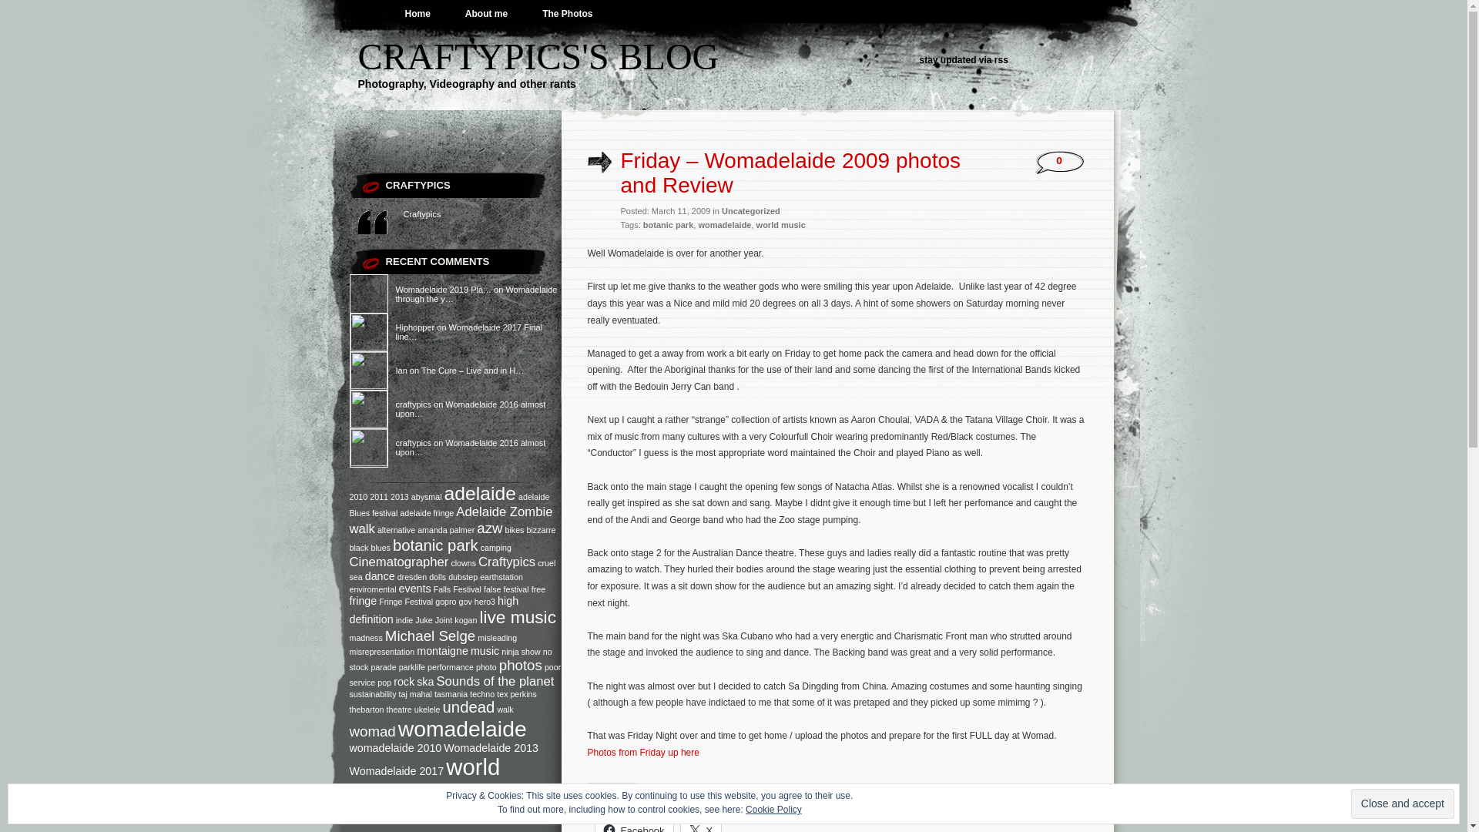  I want to click on 'blues', so click(370, 546).